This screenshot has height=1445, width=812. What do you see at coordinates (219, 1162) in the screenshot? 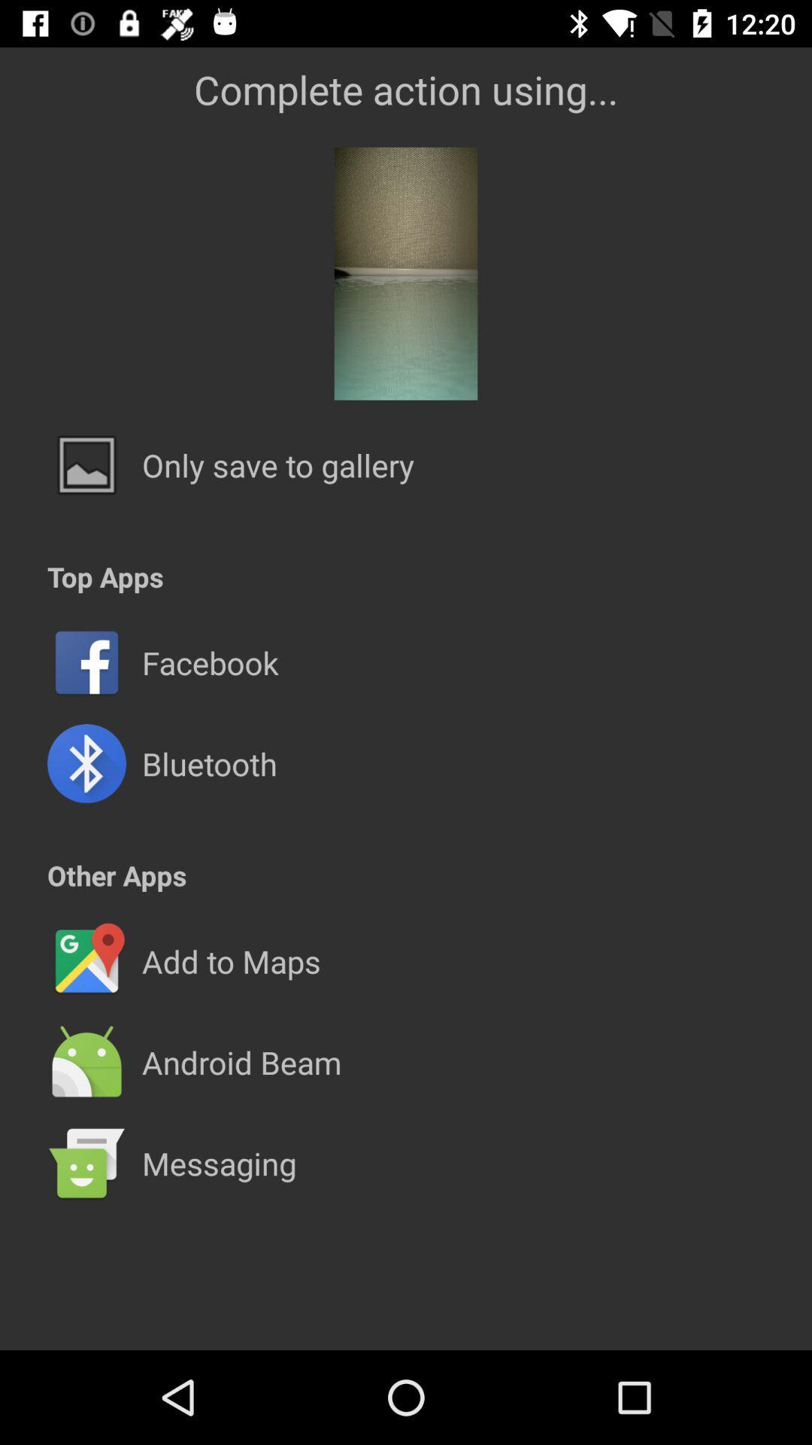
I see `messaging icon` at bounding box center [219, 1162].